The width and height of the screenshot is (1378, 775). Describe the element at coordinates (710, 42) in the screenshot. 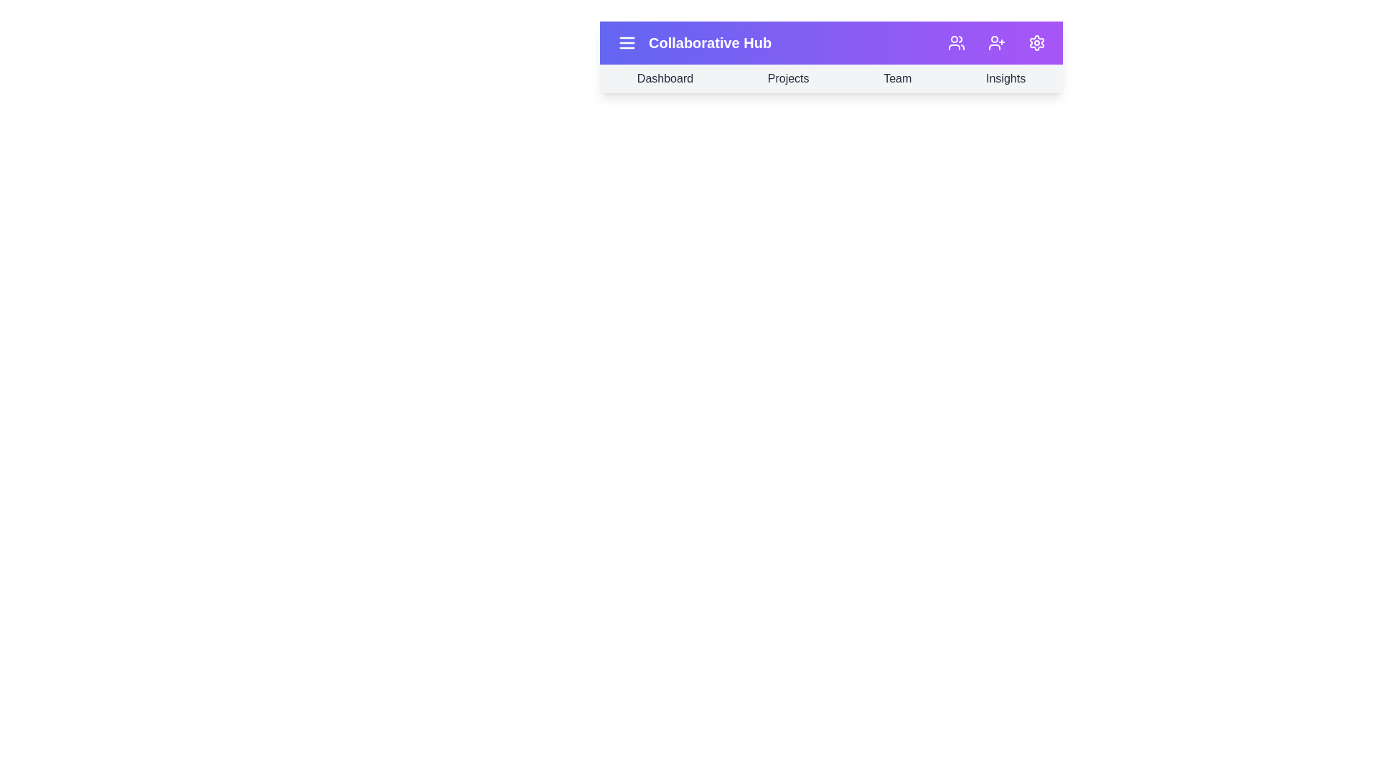

I see `the title text 'Collaborative Hub' in the app bar` at that location.